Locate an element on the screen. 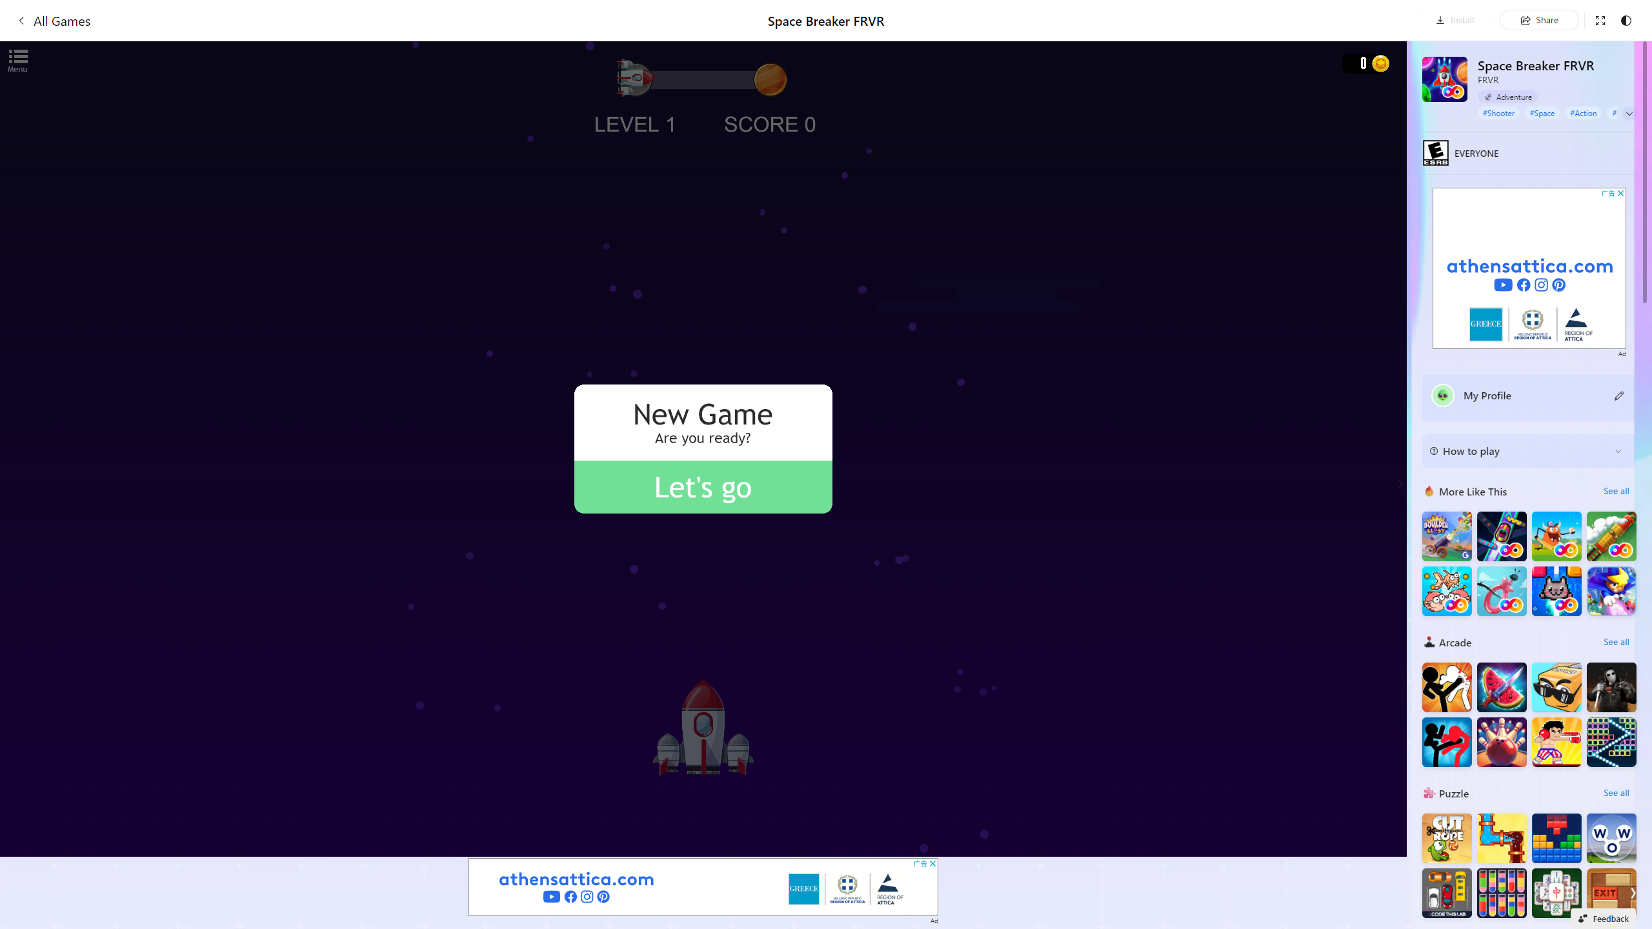 This screenshot has height=929, width=1652. 'Hunter Hitman' is located at coordinates (1611, 686).